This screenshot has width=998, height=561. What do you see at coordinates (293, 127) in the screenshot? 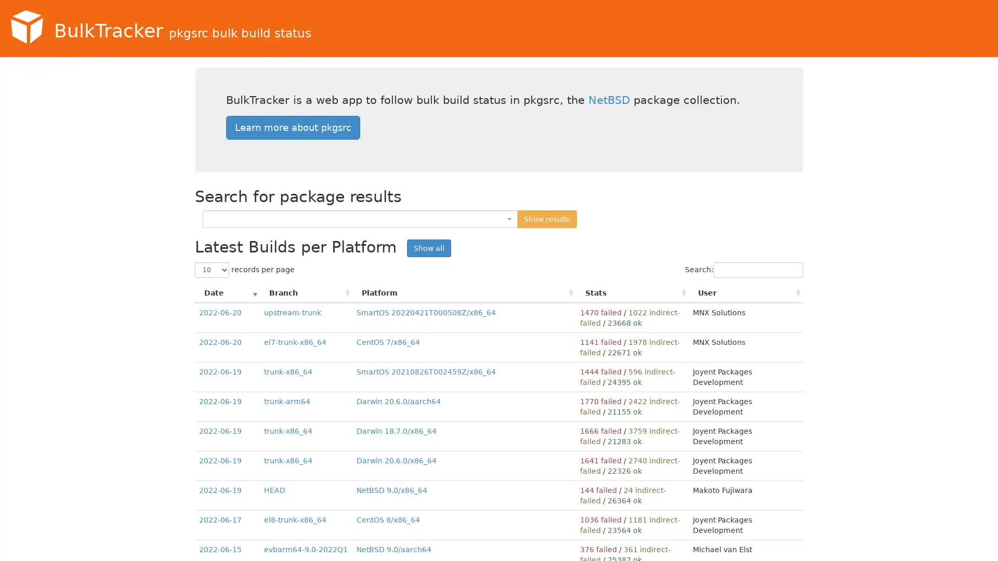
I see `Learn more about pkgsrc` at bounding box center [293, 127].